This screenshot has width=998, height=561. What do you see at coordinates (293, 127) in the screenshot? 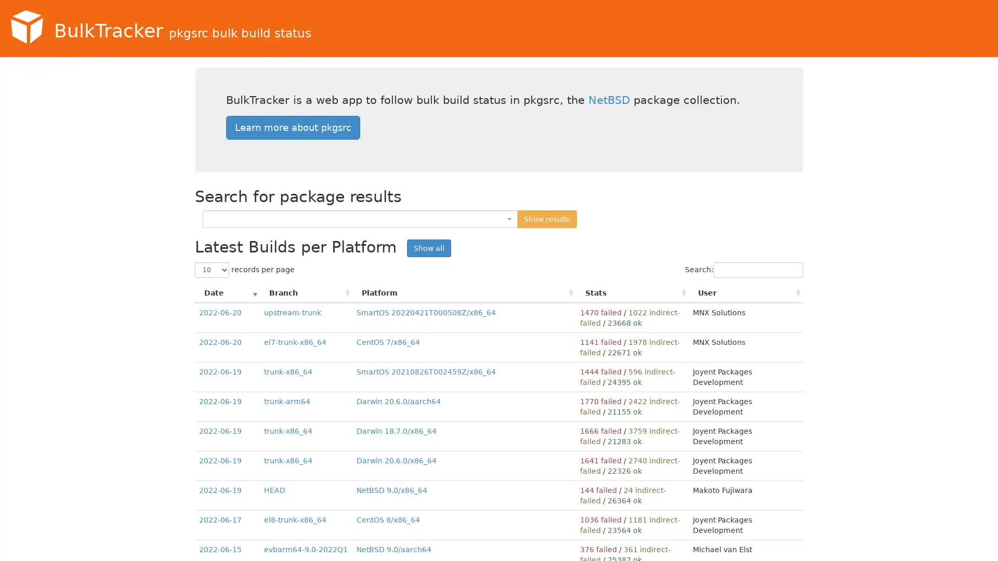
I see `Learn more about pkgsrc` at bounding box center [293, 127].